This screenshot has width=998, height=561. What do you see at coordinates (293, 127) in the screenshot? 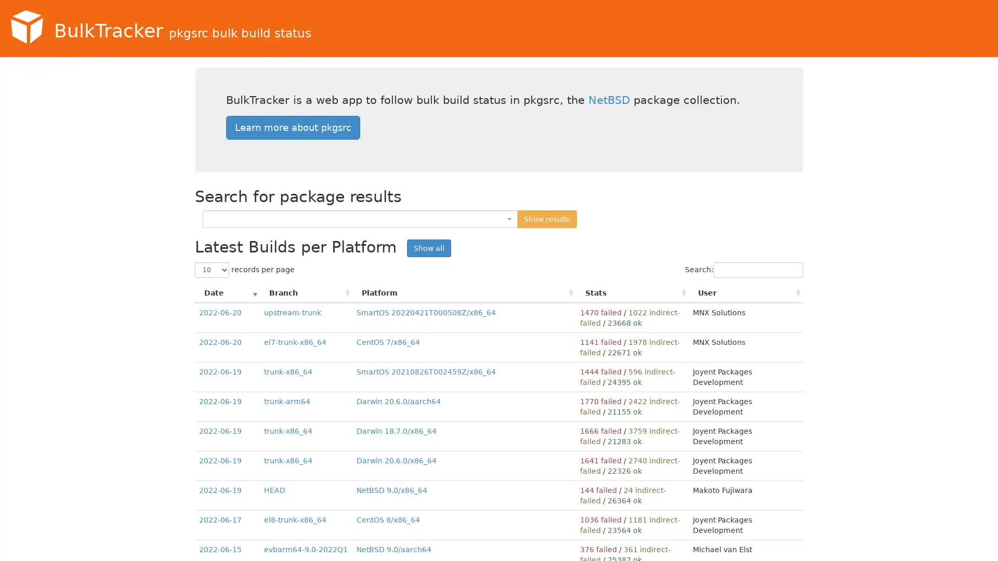
I see `Learn more about pkgsrc` at bounding box center [293, 127].